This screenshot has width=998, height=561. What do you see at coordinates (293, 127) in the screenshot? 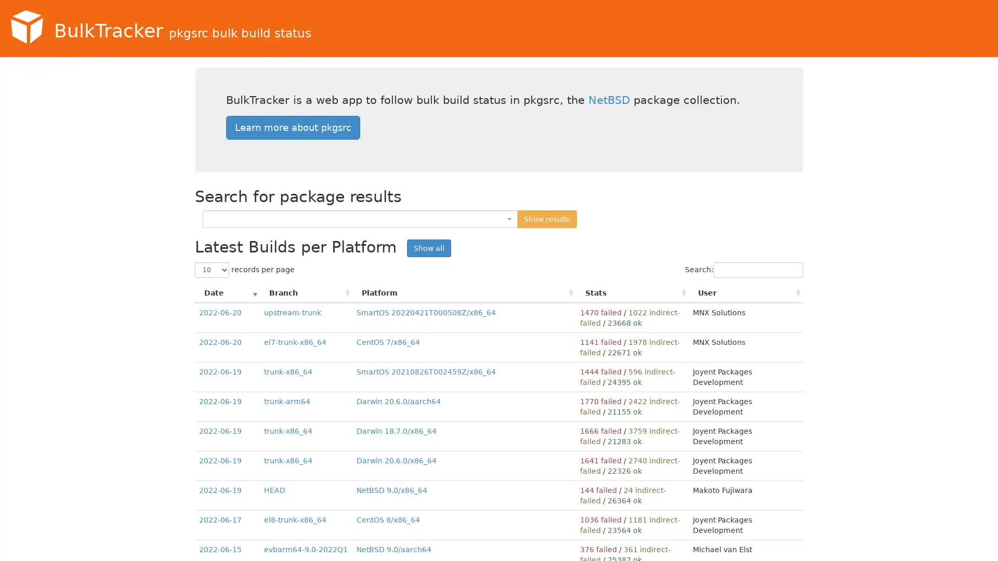
I see `Learn more about pkgsrc` at bounding box center [293, 127].